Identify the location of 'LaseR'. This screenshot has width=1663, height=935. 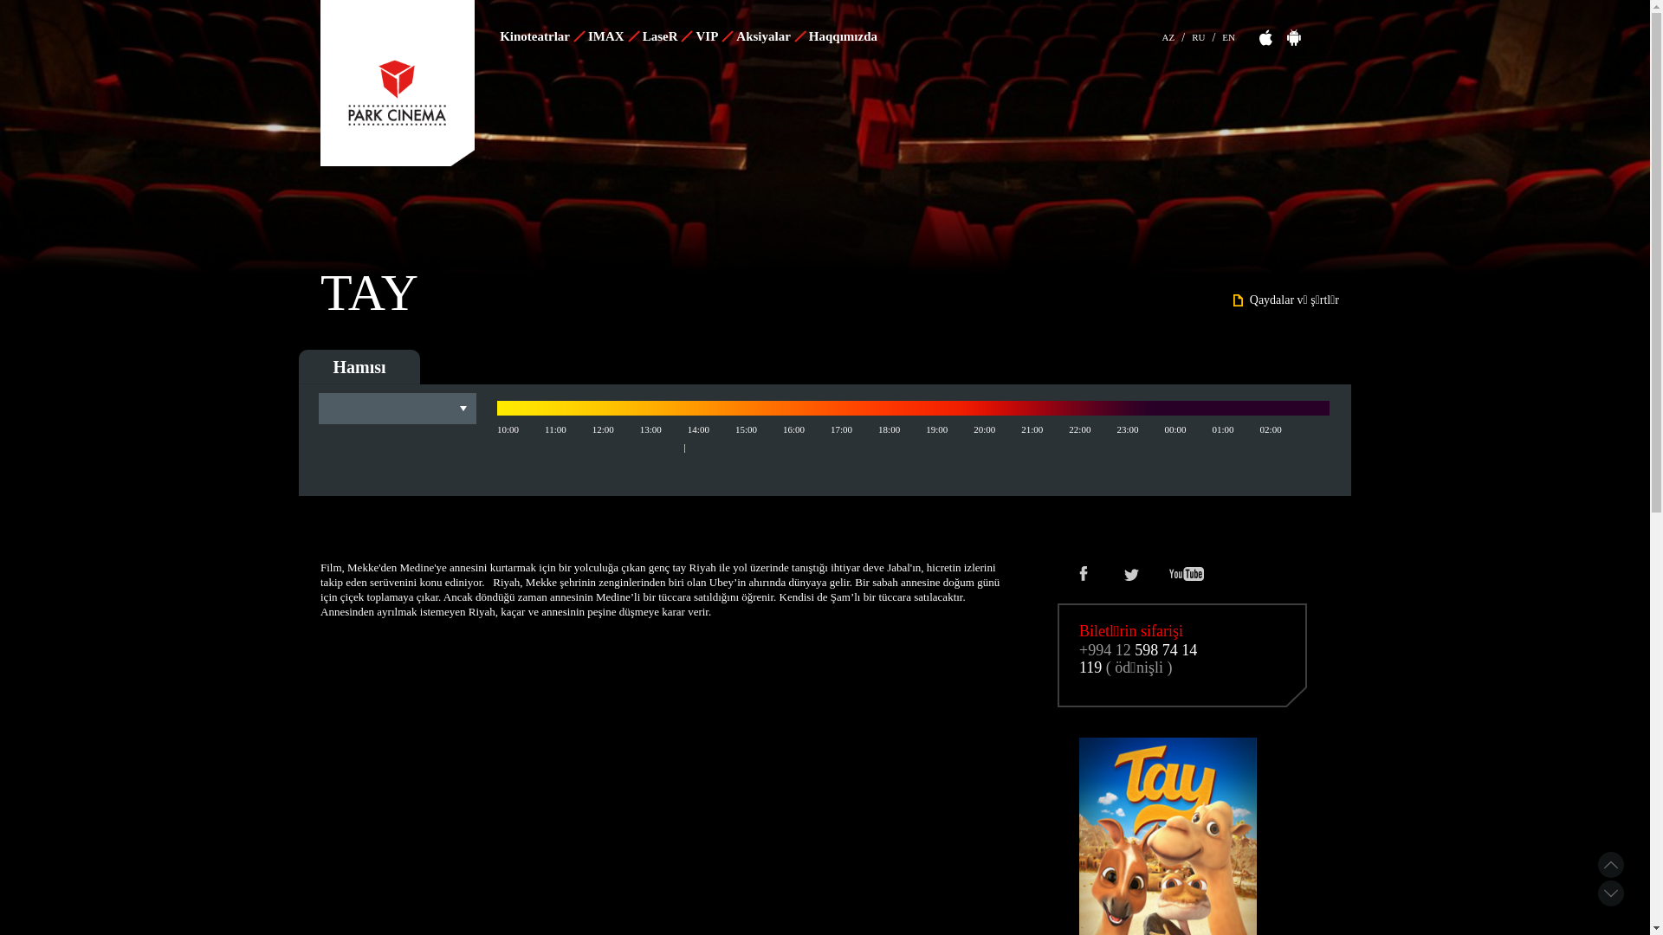
(665, 36).